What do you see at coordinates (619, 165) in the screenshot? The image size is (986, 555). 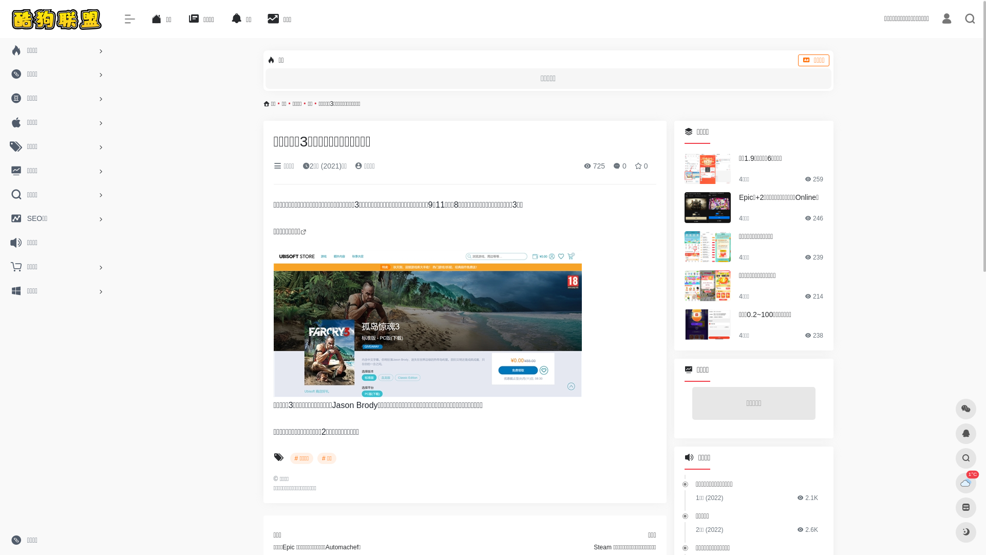 I see `'0'` at bounding box center [619, 165].